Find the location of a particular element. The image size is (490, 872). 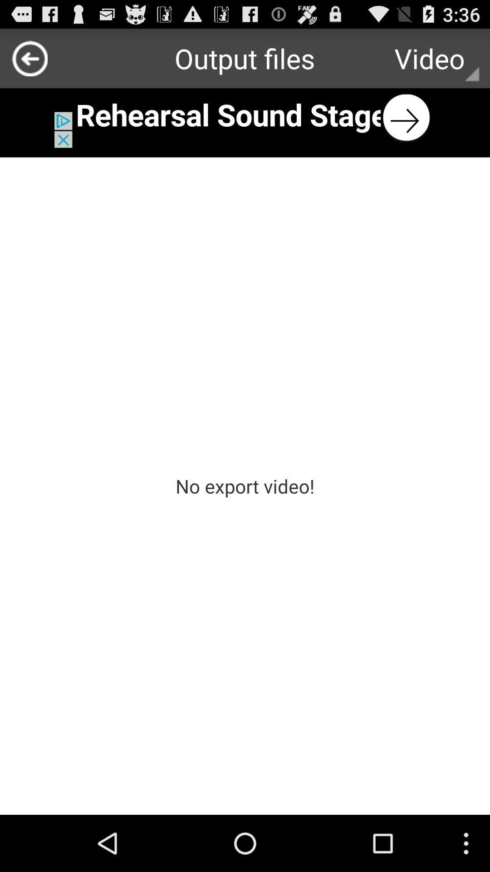

go back is located at coordinates (29, 58).